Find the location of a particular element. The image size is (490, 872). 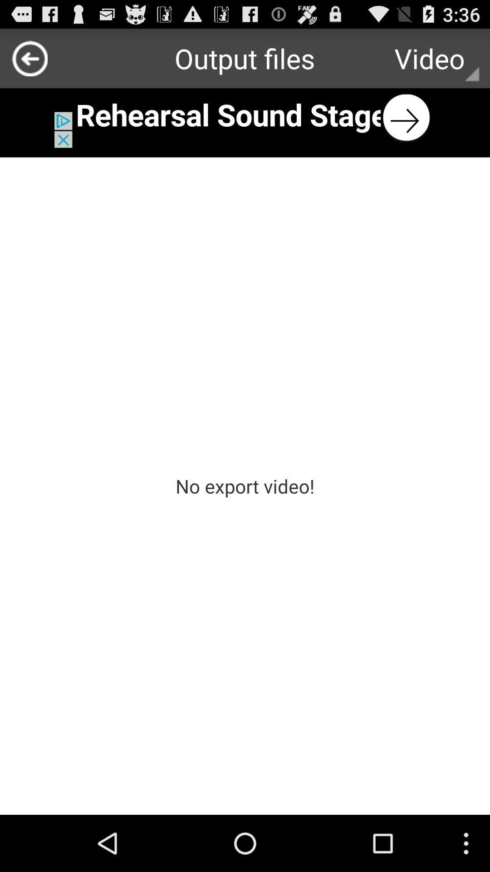

go back is located at coordinates (29, 58).